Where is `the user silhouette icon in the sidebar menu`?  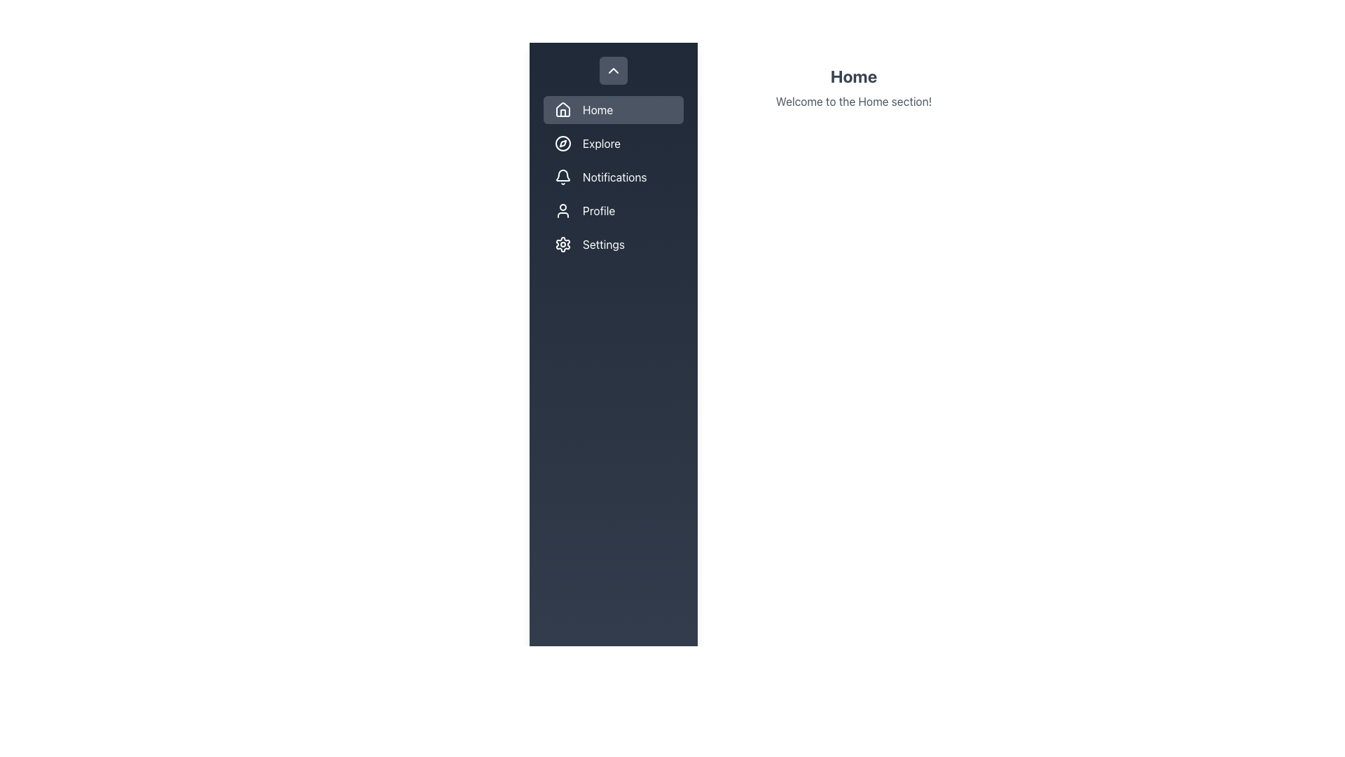
the user silhouette icon in the sidebar menu is located at coordinates (563, 210).